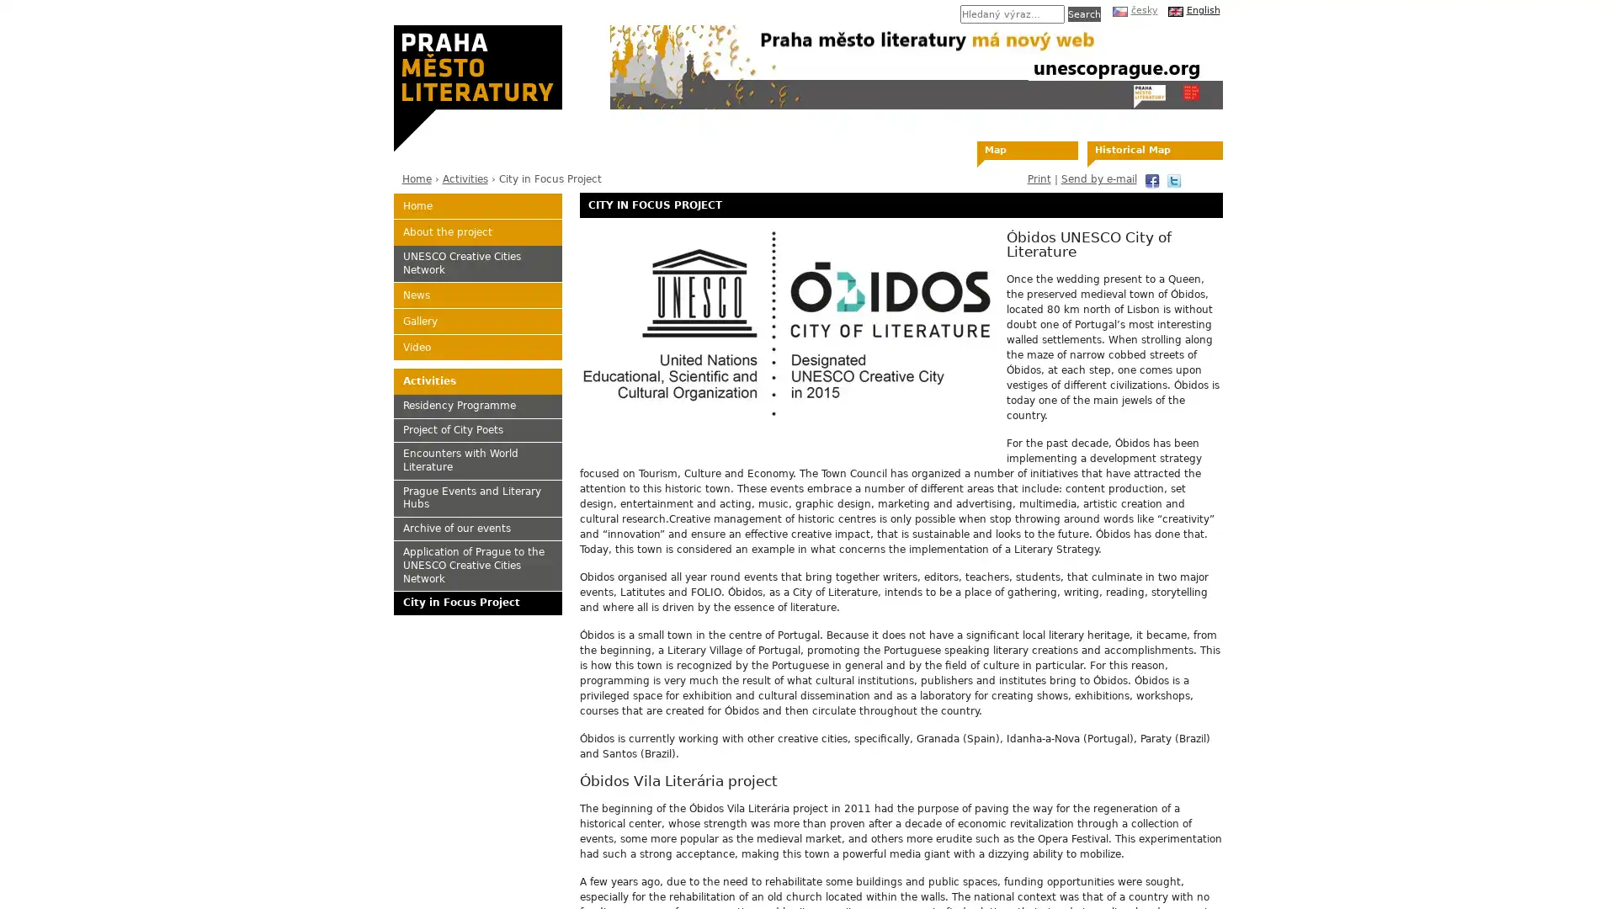  I want to click on Search, so click(1083, 13).